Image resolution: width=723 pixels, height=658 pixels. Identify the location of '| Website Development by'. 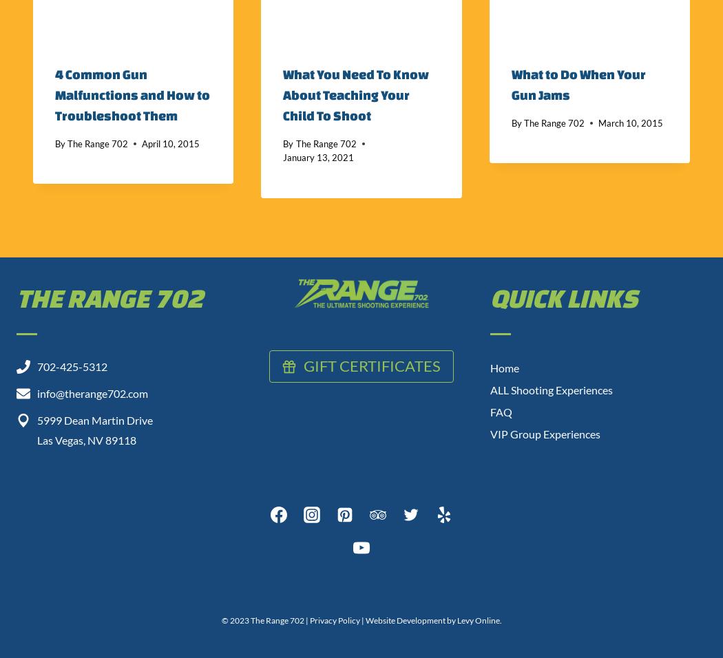
(358, 620).